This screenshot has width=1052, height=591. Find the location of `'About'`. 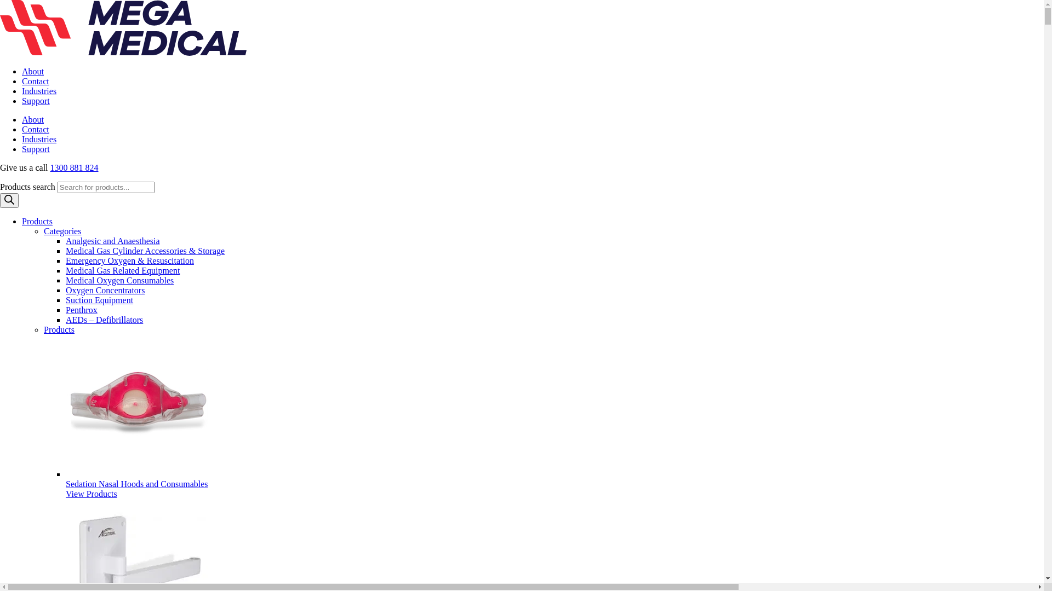

'About' is located at coordinates (32, 119).